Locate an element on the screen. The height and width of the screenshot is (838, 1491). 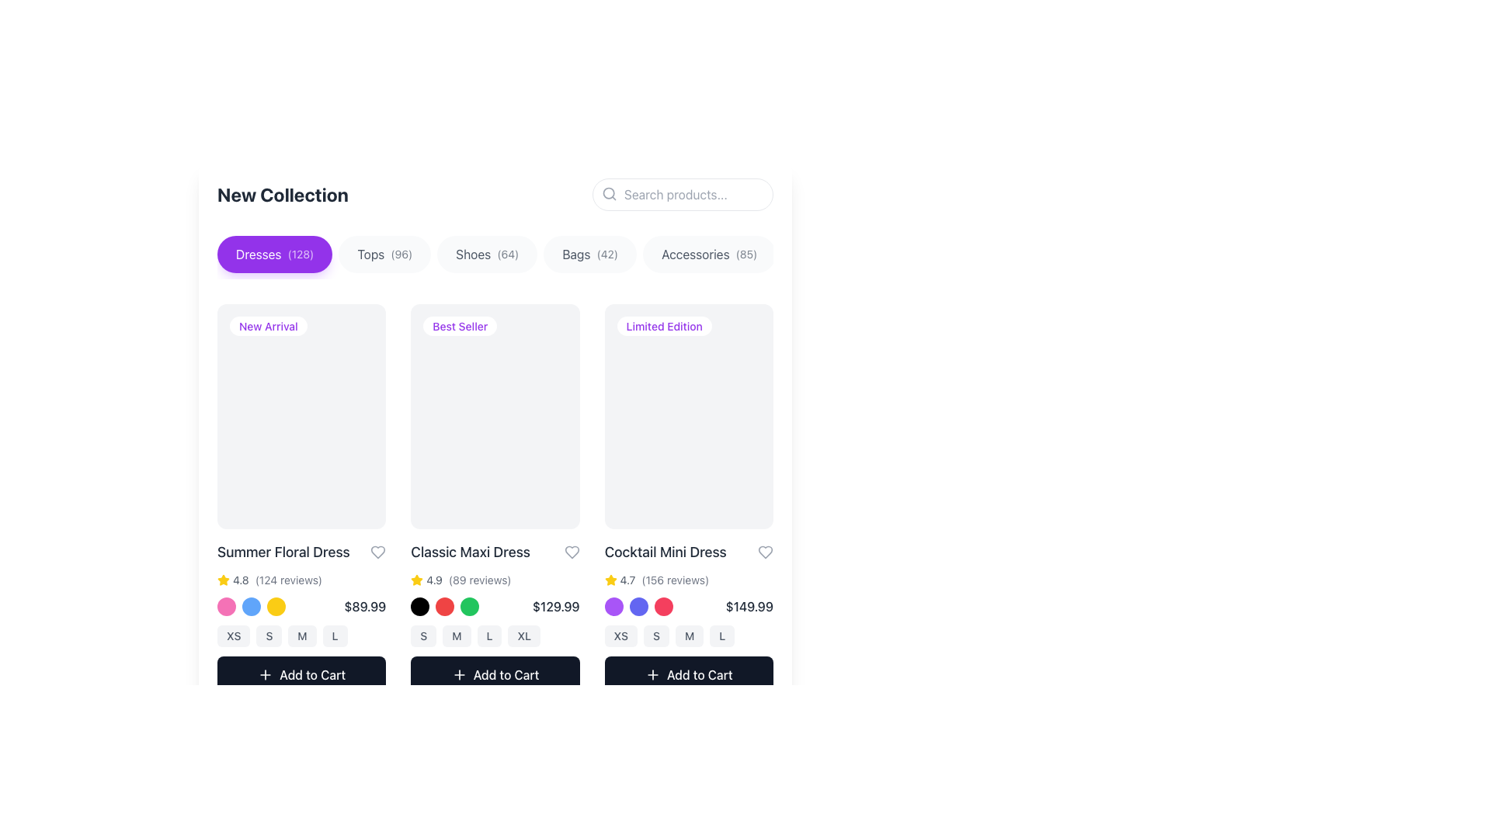
the size selection button for 'M' of the 'Cocktail Mini Dress' is located at coordinates (689, 635).